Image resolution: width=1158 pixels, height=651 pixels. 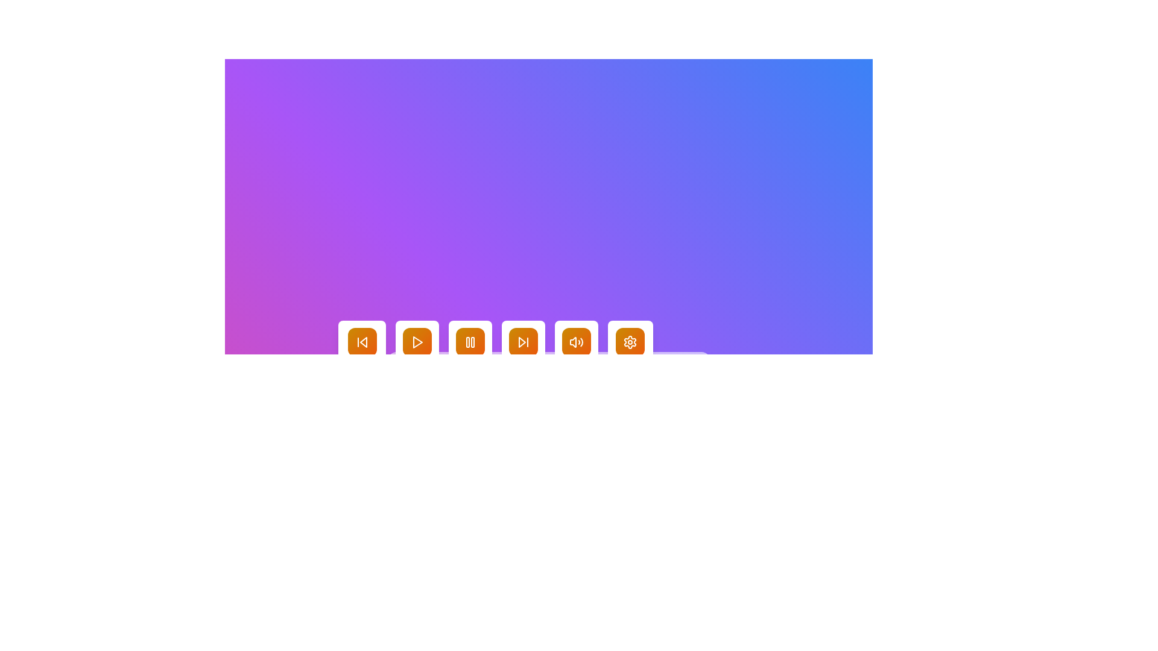 I want to click on the fifth button from the left in the row of volume control buttons at the bottom center of the interface, so click(x=575, y=342).